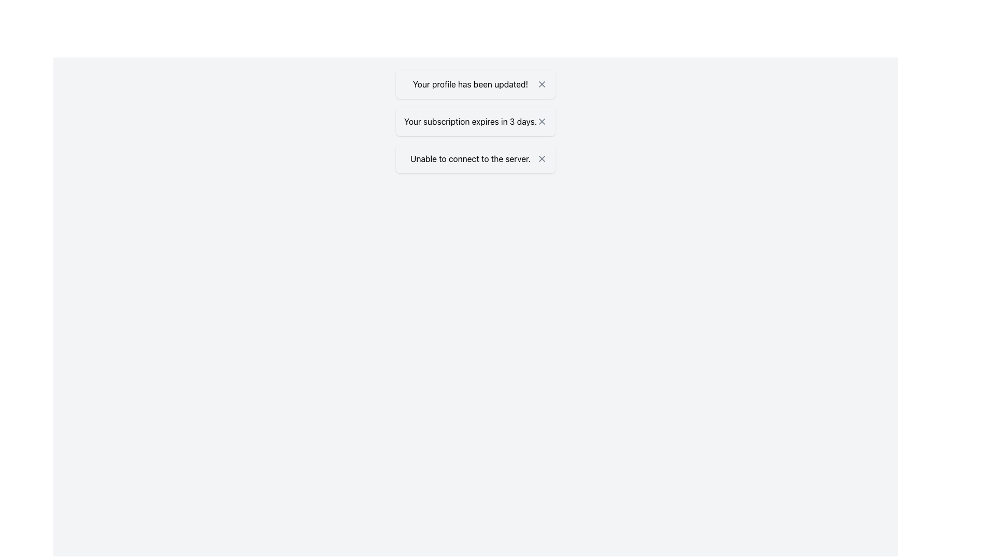 This screenshot has width=995, height=559. I want to click on notification about the subscription expiration located in the second notification card between the messages 'Your profile has been updated!' and 'Unable to connect to the server.', so click(470, 121).